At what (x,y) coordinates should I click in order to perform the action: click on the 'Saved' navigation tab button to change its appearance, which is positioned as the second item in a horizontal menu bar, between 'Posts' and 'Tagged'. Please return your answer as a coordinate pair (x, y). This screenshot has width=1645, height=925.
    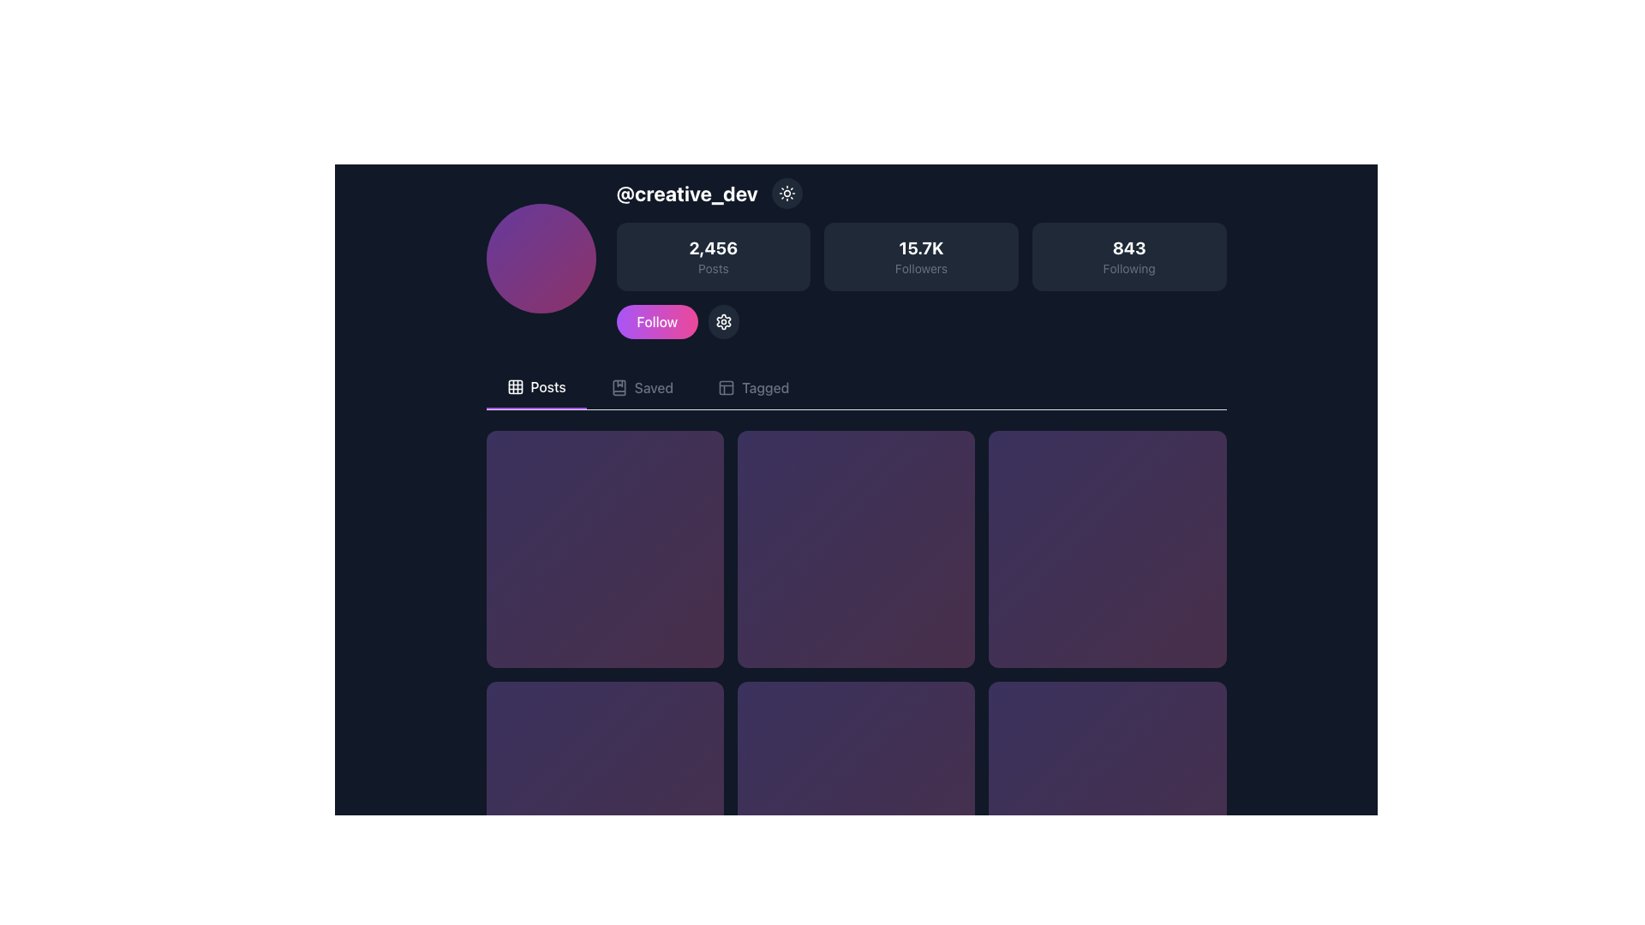
    Looking at the image, I should click on (641, 387).